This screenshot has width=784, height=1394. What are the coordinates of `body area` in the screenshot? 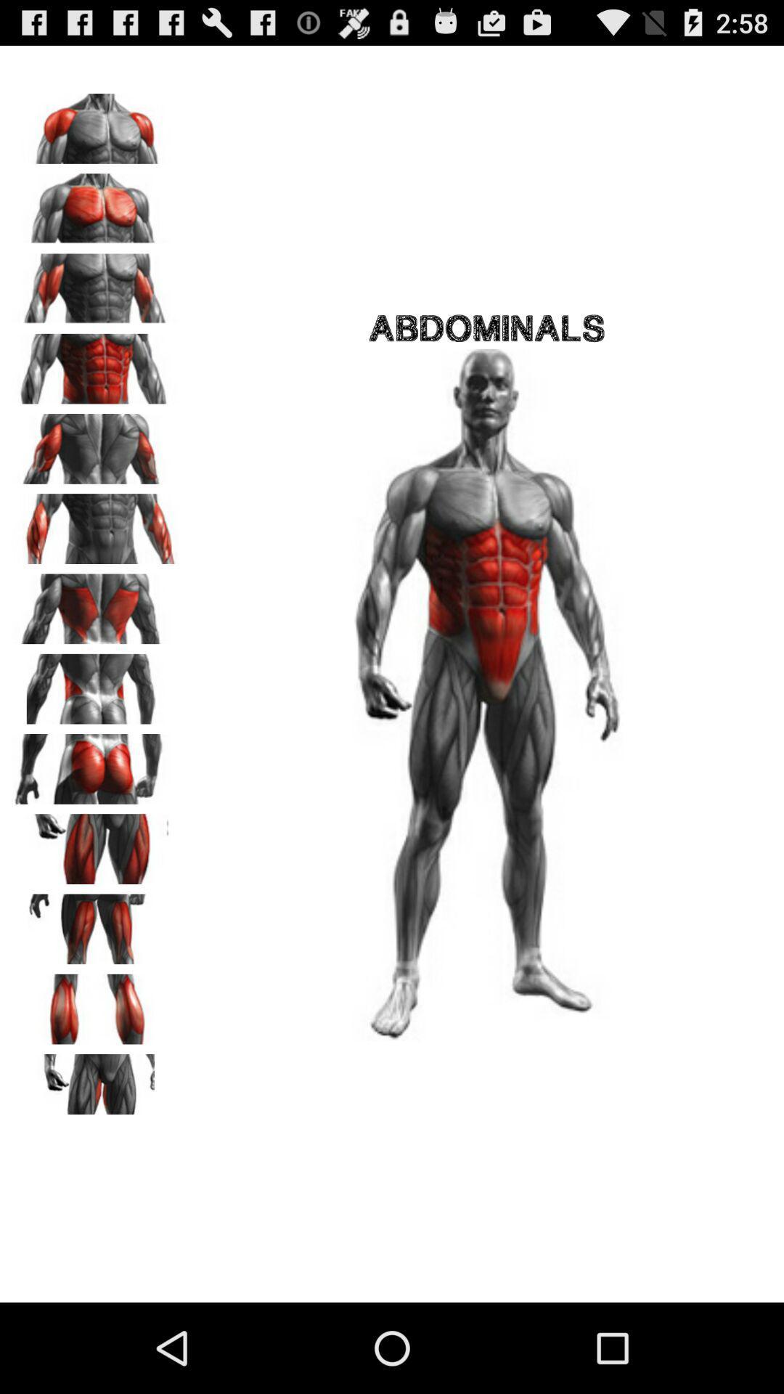 It's located at (95, 1003).